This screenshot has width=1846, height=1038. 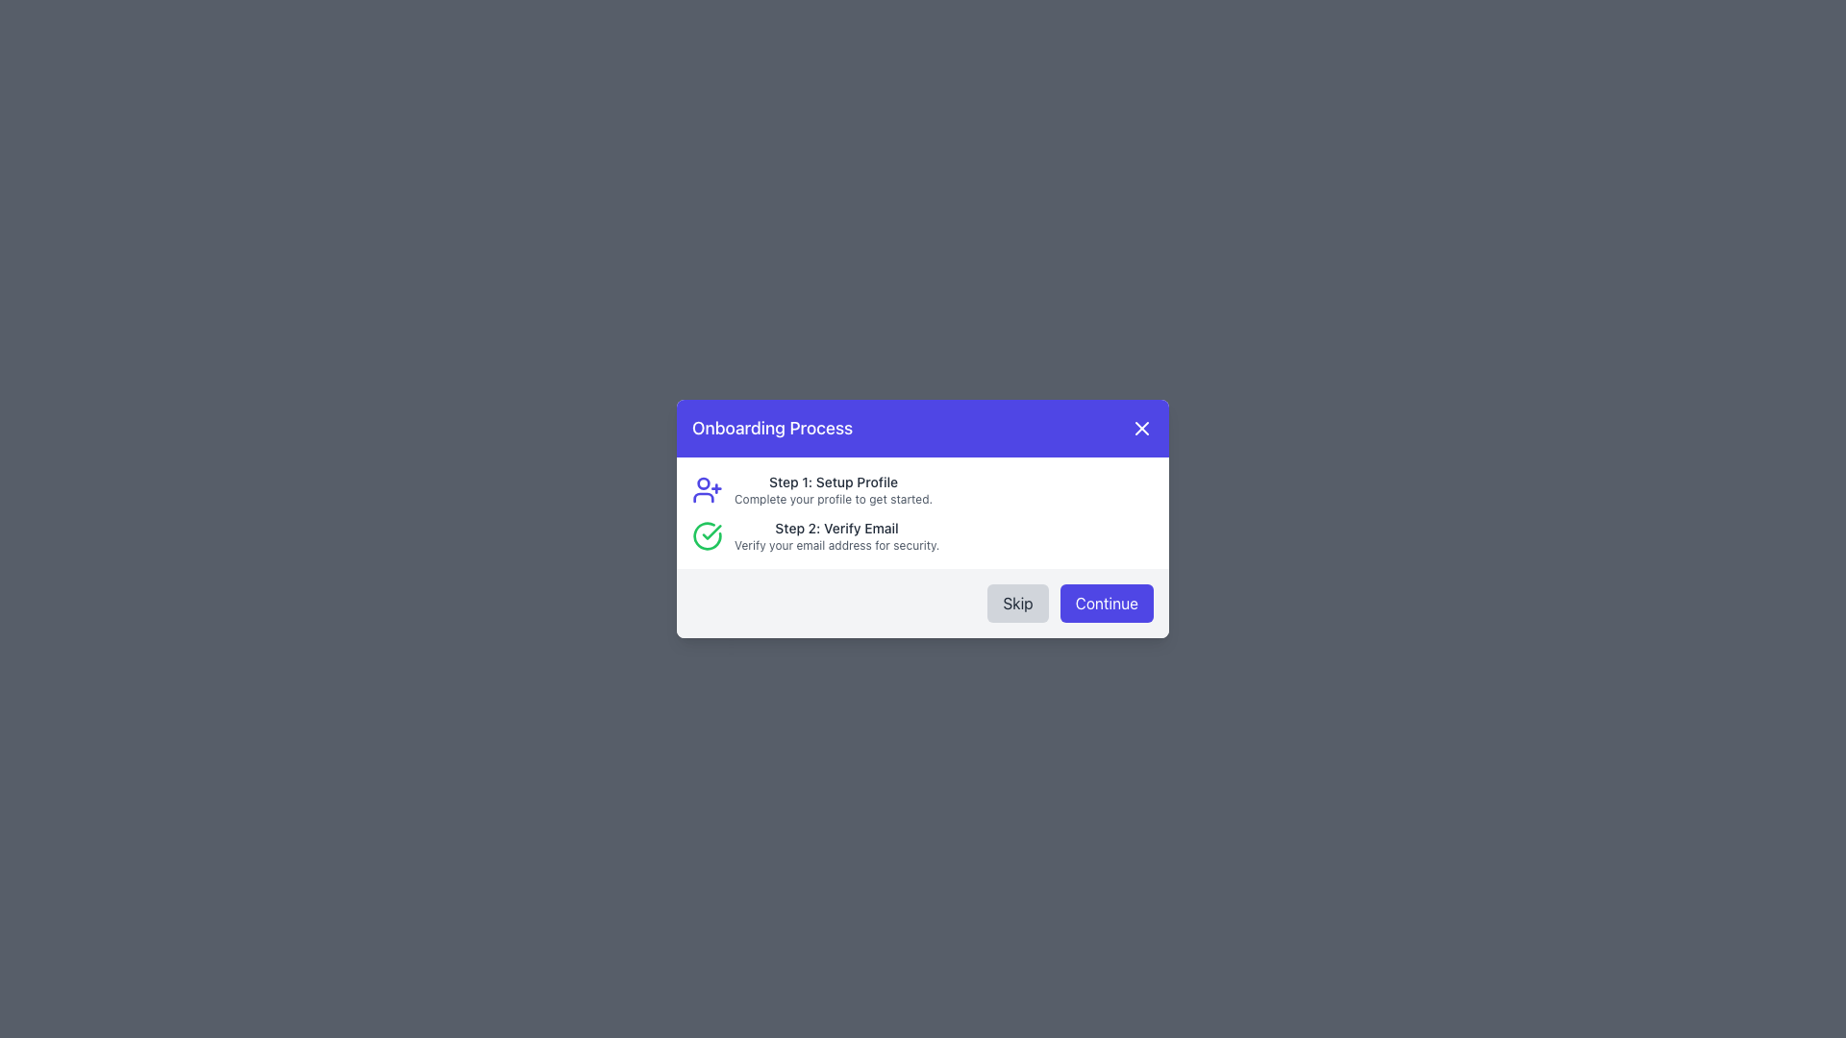 I want to click on the completion checkmark icon for step 2 in the onboarding process modal dialog, which is located to the left of the text 'Step 2: Verify Email', so click(x=706, y=536).